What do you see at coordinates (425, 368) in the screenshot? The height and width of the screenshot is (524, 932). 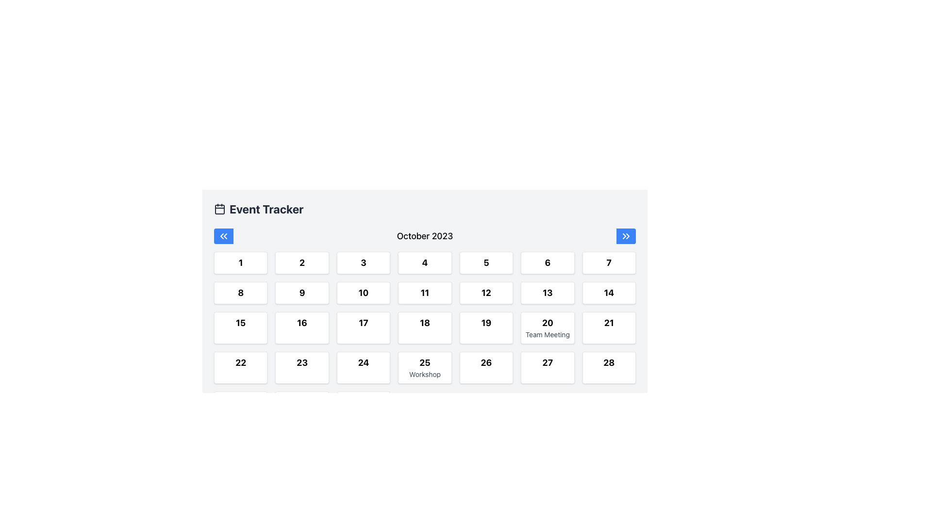 I see `the calendar date cell for the 25th, which indicates an event named 'Workshop'` at bounding box center [425, 368].